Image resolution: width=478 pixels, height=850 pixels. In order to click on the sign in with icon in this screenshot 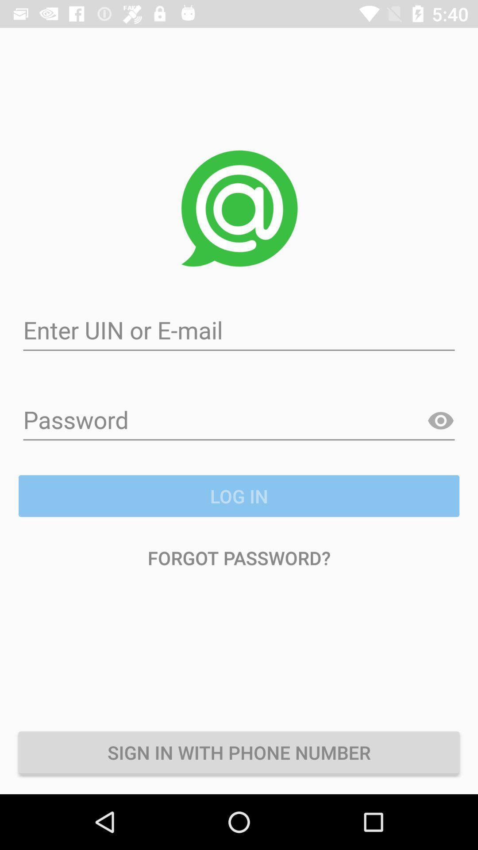, I will do `click(239, 752)`.